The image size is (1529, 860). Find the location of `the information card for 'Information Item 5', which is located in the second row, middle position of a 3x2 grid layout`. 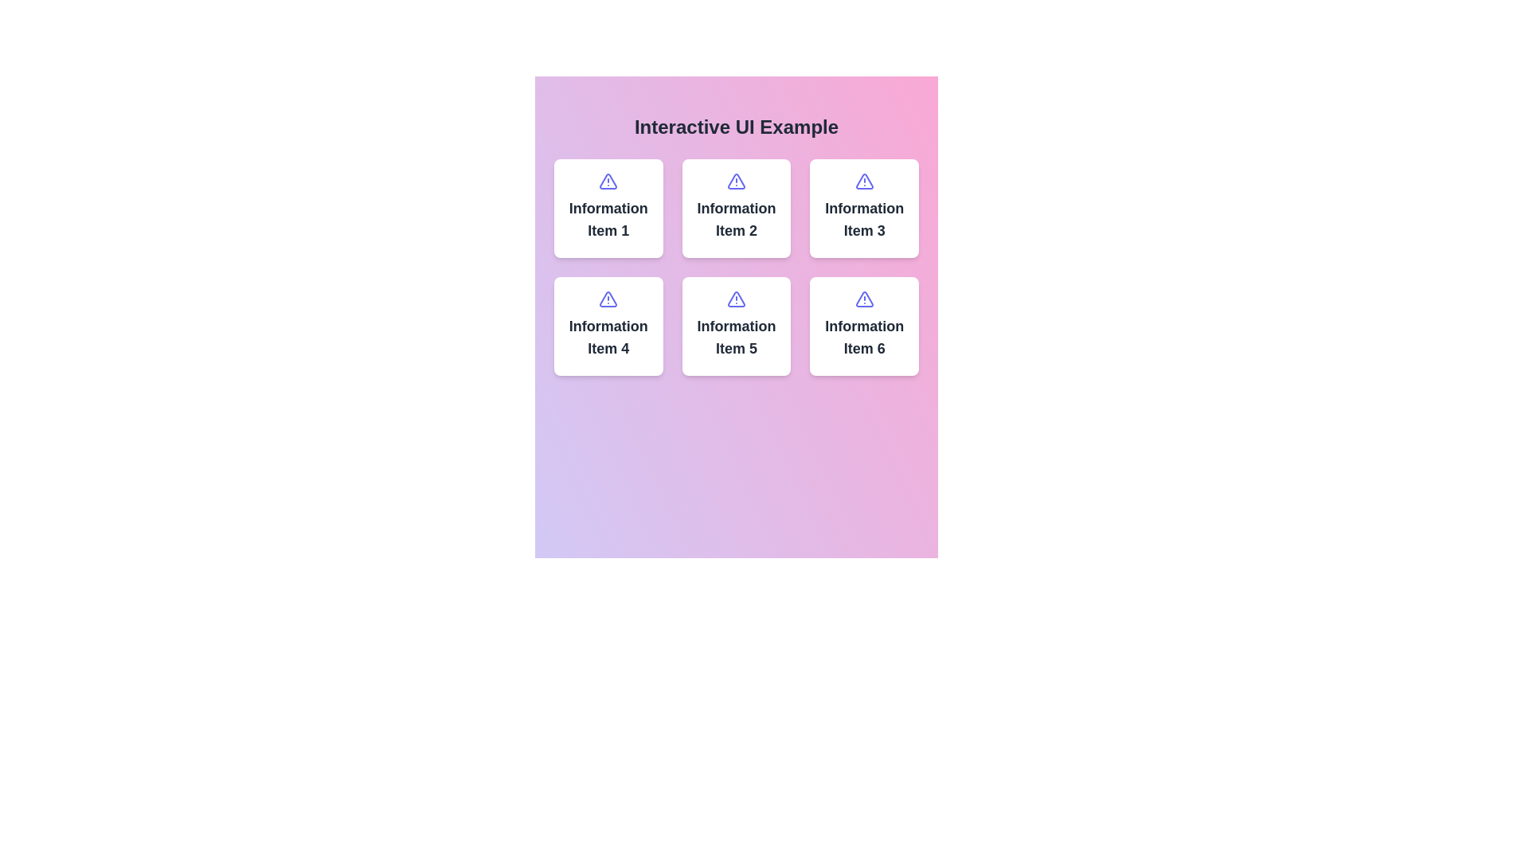

the information card for 'Information Item 5', which is located in the second row, middle position of a 3x2 grid layout is located at coordinates (736, 325).